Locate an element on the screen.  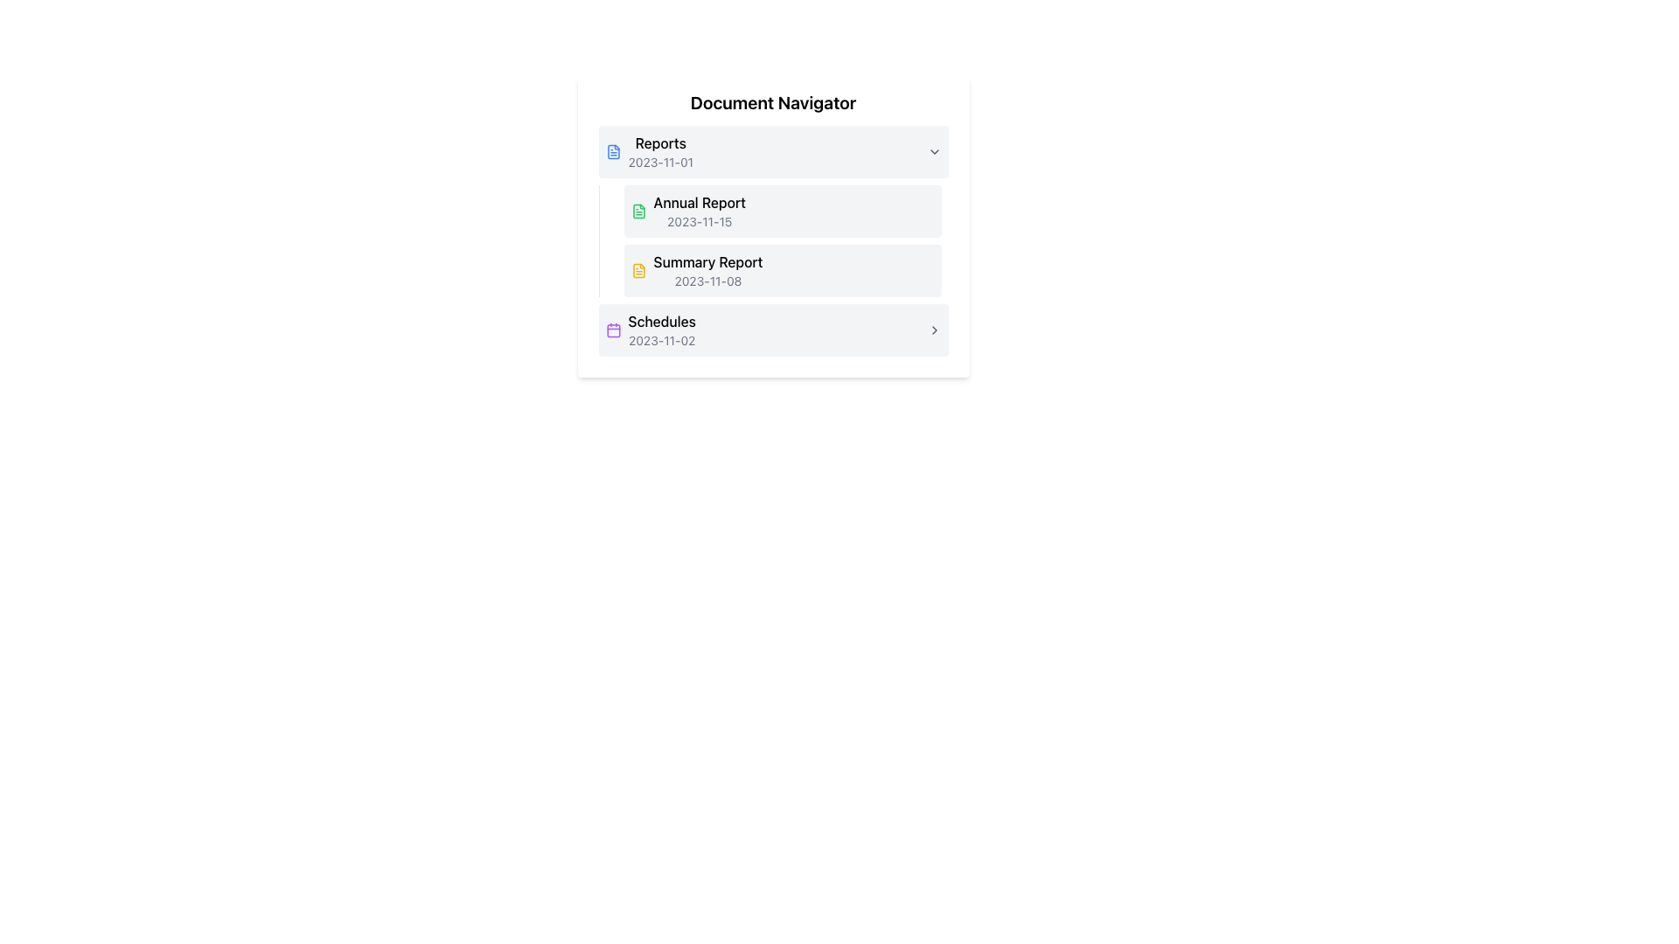
a report entry within the 'Document Navigator' is located at coordinates (772, 241).